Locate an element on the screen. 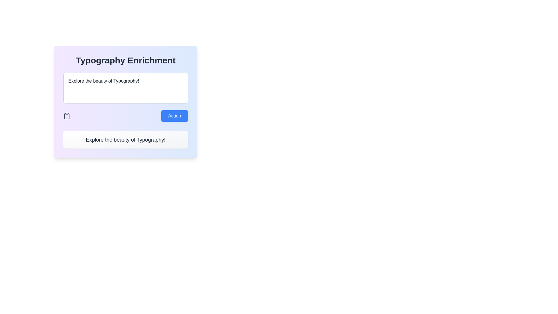 Image resolution: width=558 pixels, height=314 pixels. text in the multiline text input or display field located below the header 'Typography Enrichment' is located at coordinates (125, 88).